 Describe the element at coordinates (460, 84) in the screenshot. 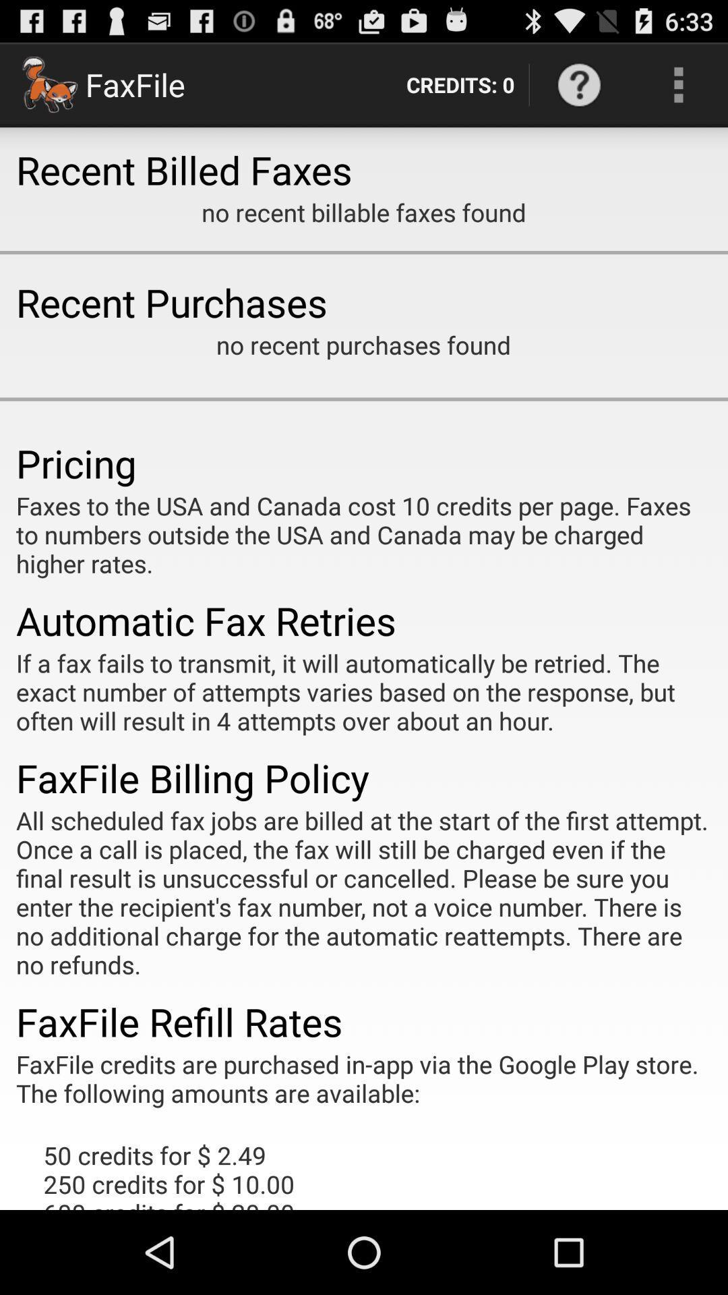

I see `app above no recent billable app` at that location.